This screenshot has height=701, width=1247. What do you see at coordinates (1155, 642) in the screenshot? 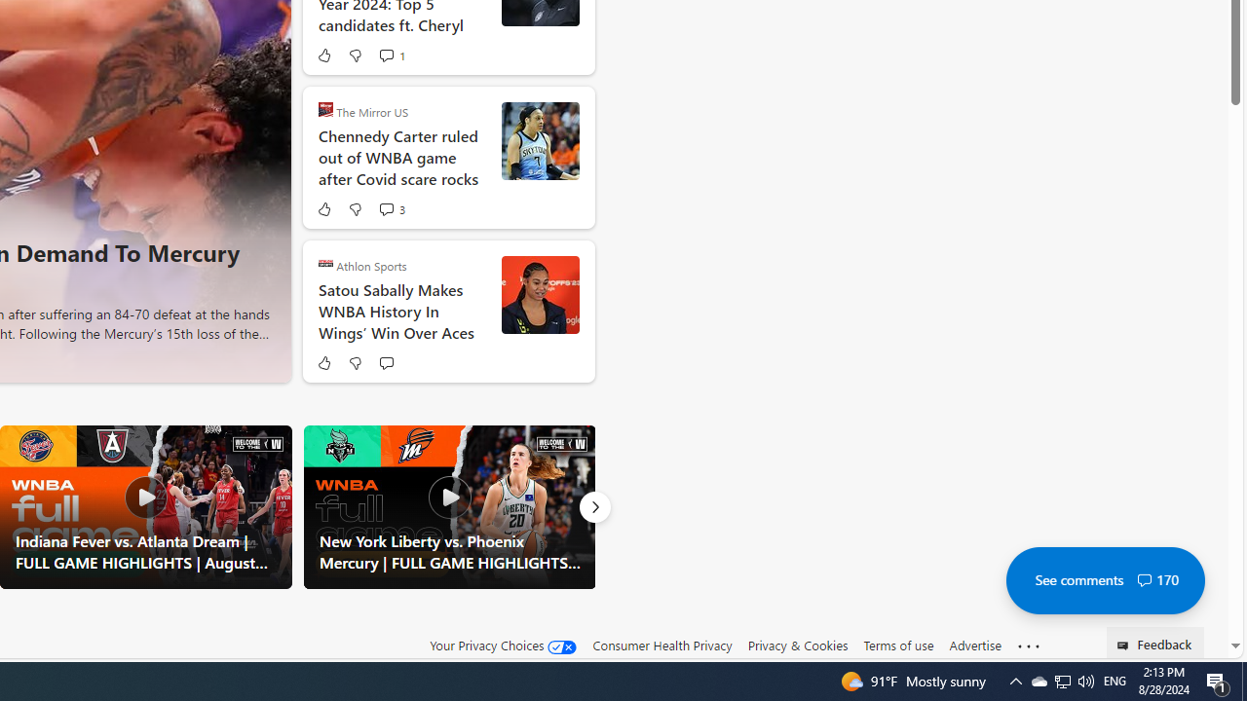
I see `'Feedback'` at bounding box center [1155, 642].